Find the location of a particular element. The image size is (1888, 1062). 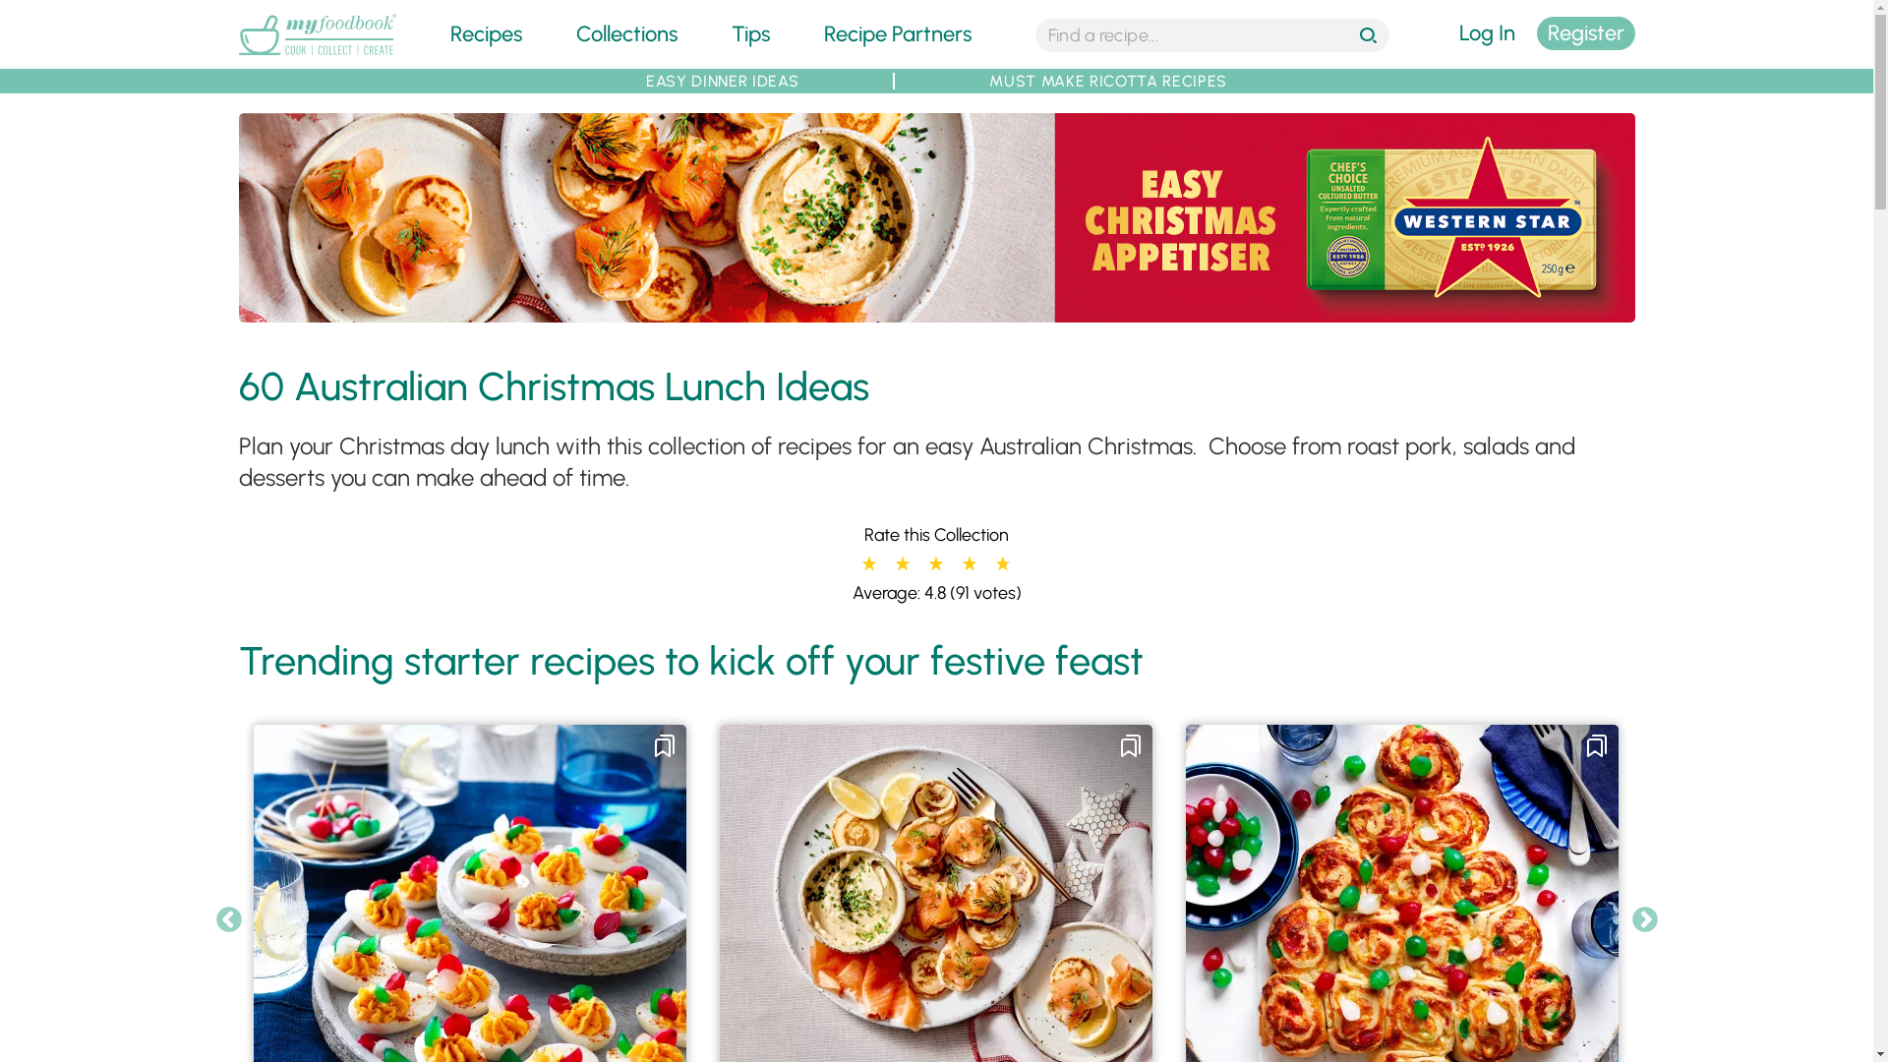

'Give it 1/5' is located at coordinates (860, 564).